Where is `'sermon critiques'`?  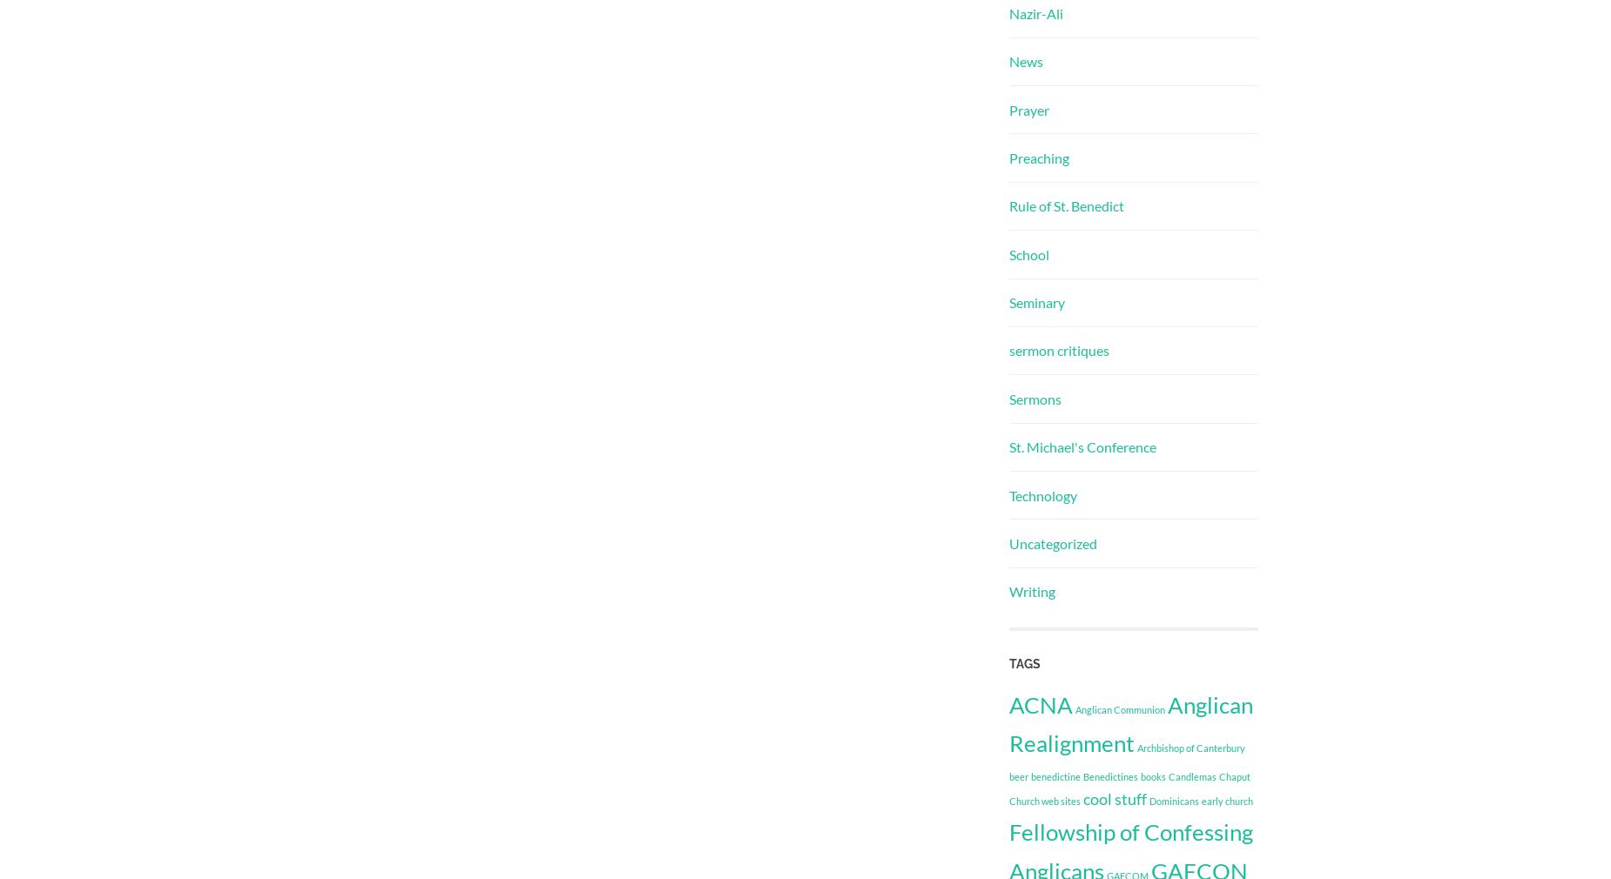 'sermon critiques' is located at coordinates (1058, 350).